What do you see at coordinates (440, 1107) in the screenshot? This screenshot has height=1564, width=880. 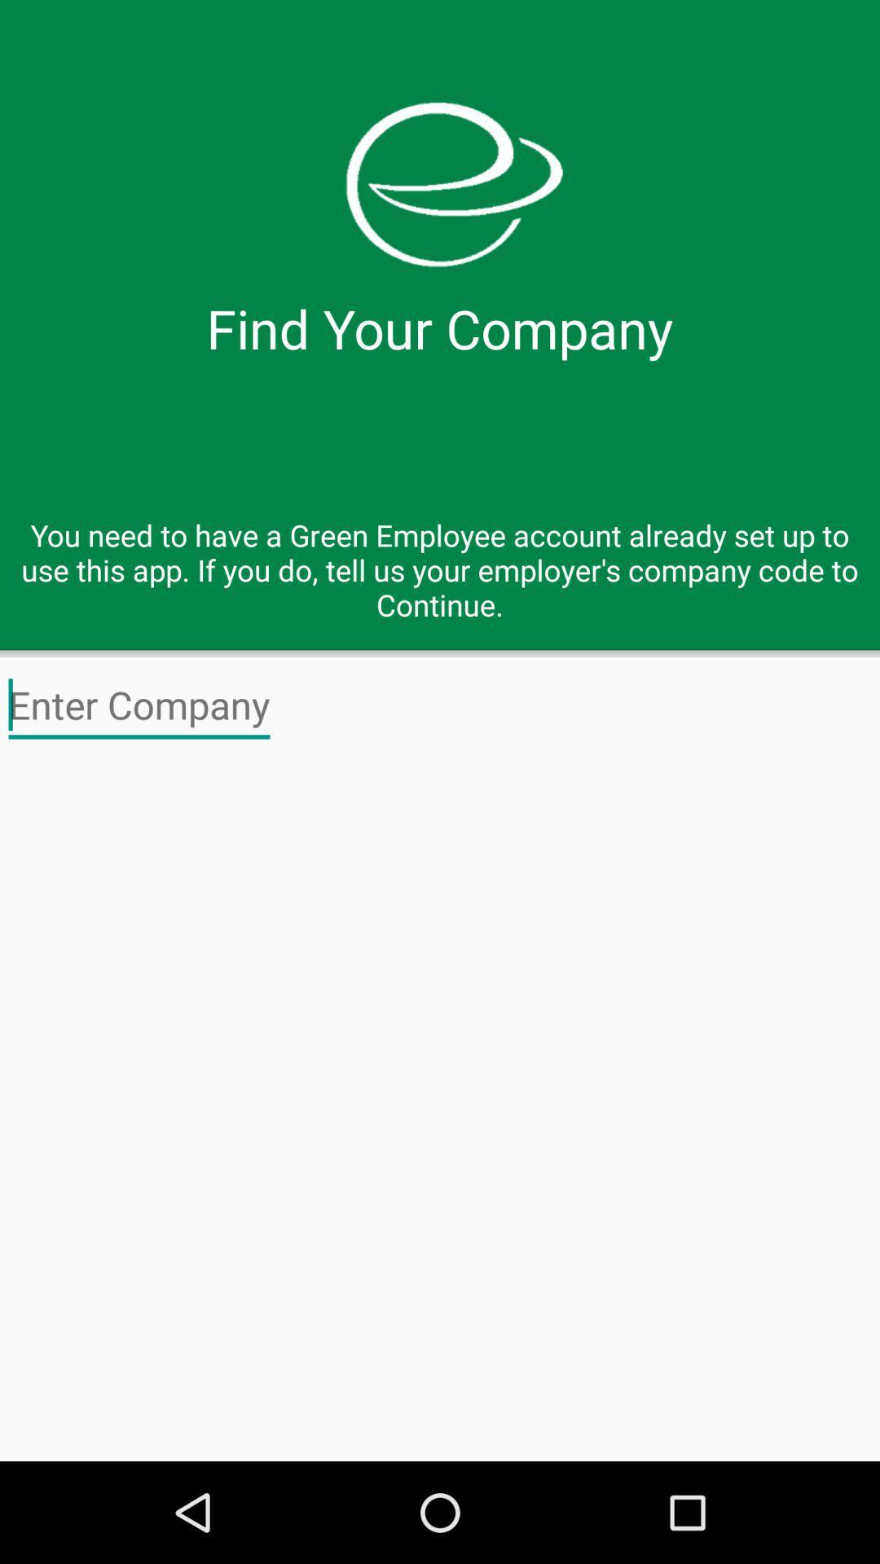 I see `the icon at the bottom` at bounding box center [440, 1107].